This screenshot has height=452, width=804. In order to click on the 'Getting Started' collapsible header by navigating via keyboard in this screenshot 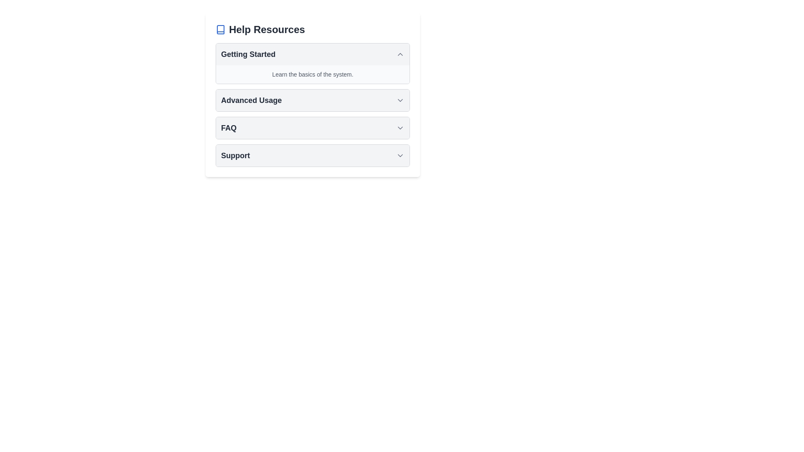, I will do `click(312, 54)`.